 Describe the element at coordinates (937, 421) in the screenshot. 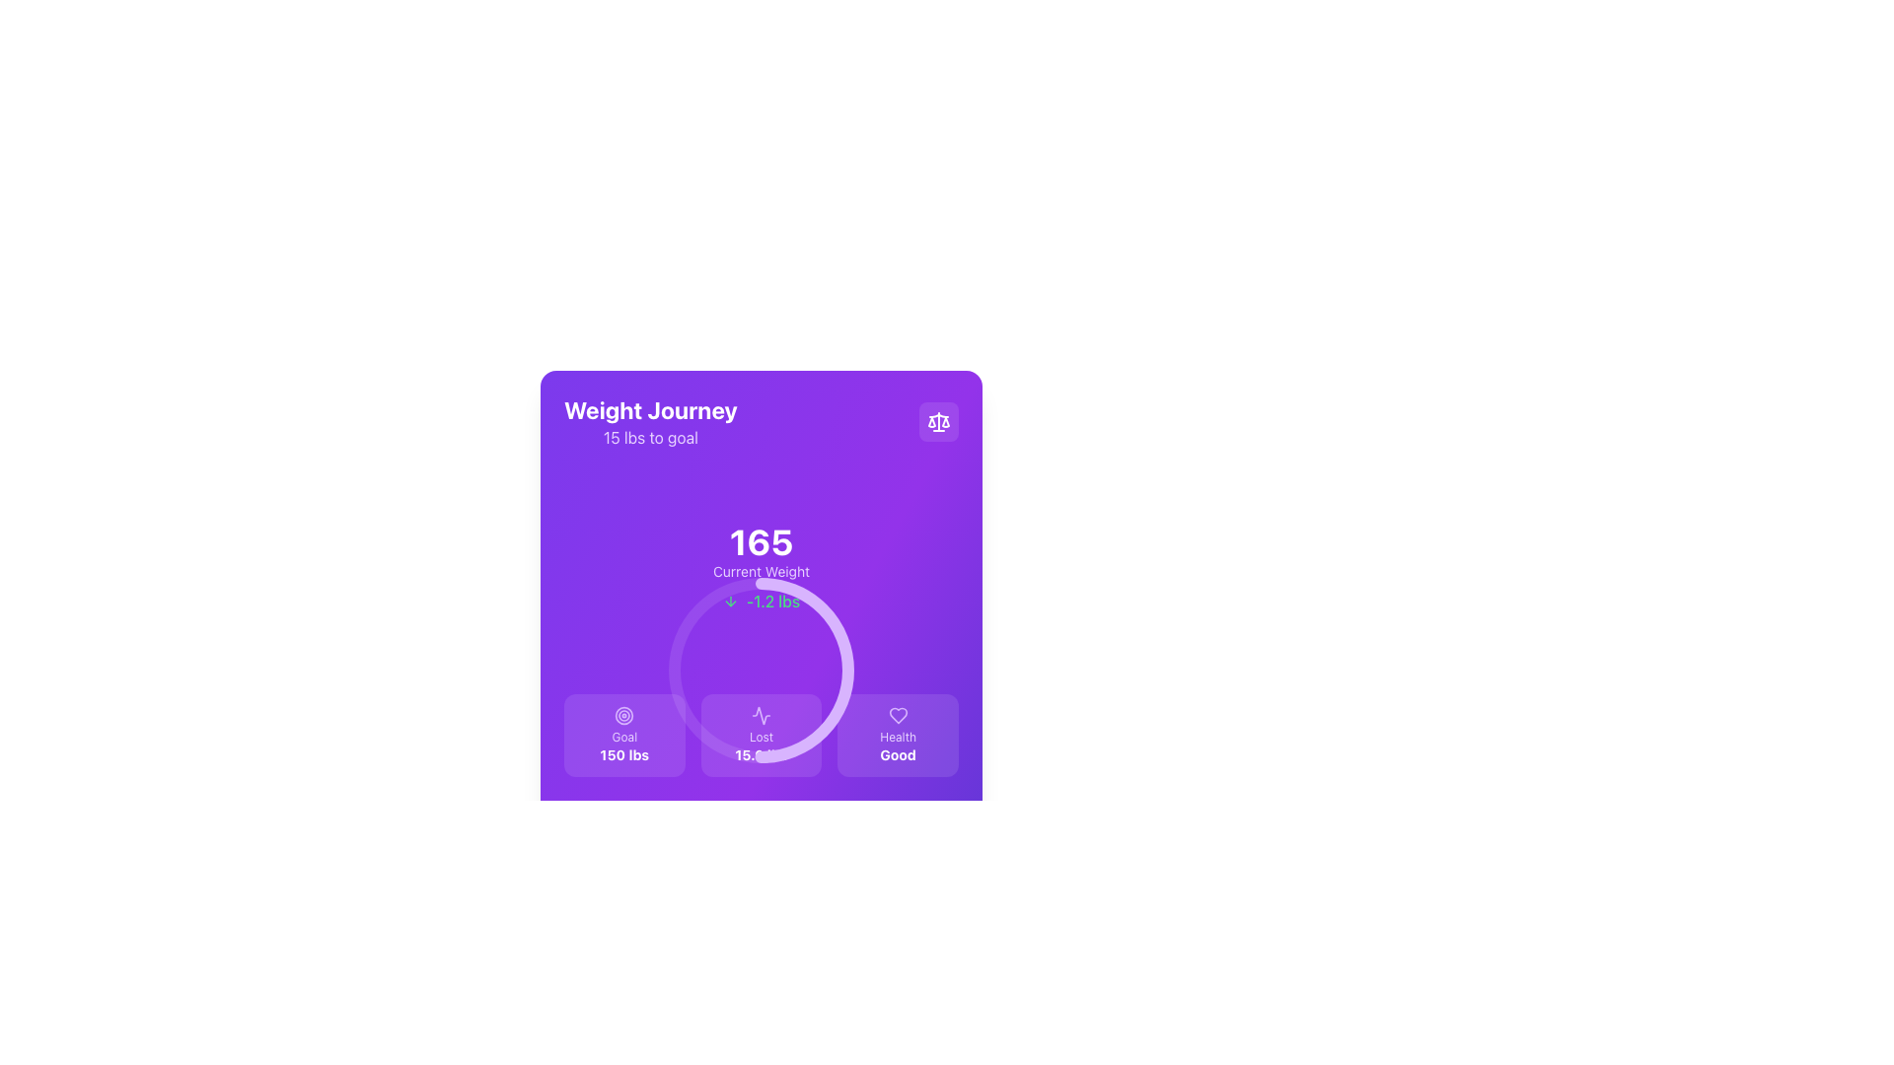

I see `the center of the balance icon located in the top-right corner of the card, which serves as a visual indicator for weight tracking or goals` at that location.